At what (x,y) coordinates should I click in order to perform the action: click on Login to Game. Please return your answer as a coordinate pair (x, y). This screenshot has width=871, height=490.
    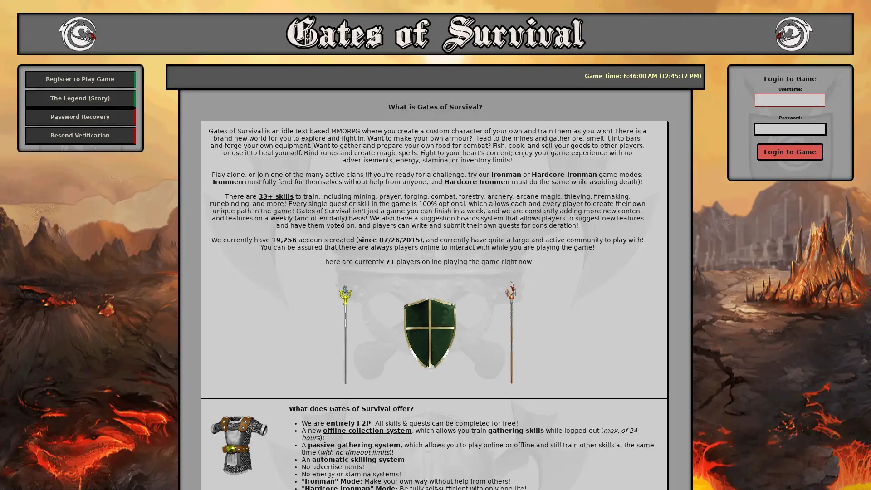
    Looking at the image, I should click on (790, 152).